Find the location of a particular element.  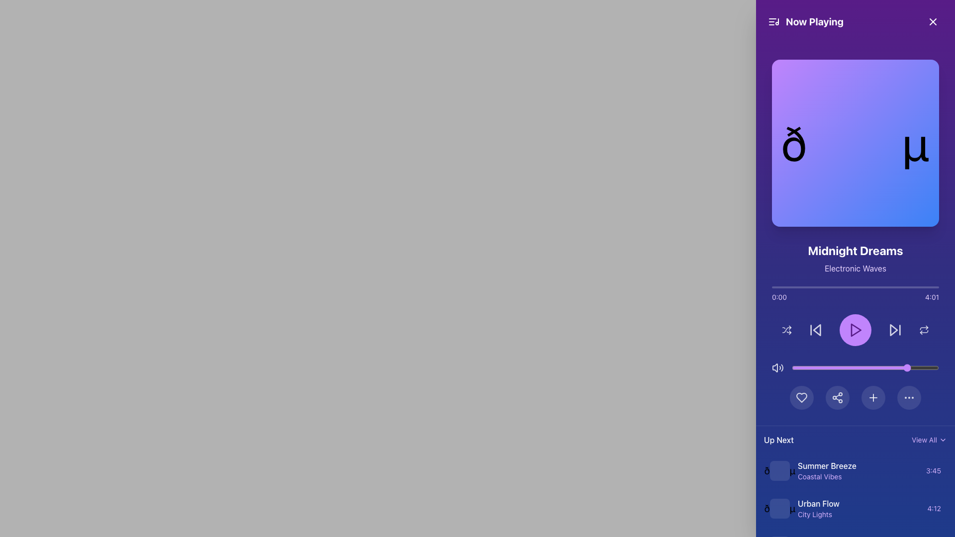

the heart-shaped icon in the media control panel is located at coordinates (802, 397).